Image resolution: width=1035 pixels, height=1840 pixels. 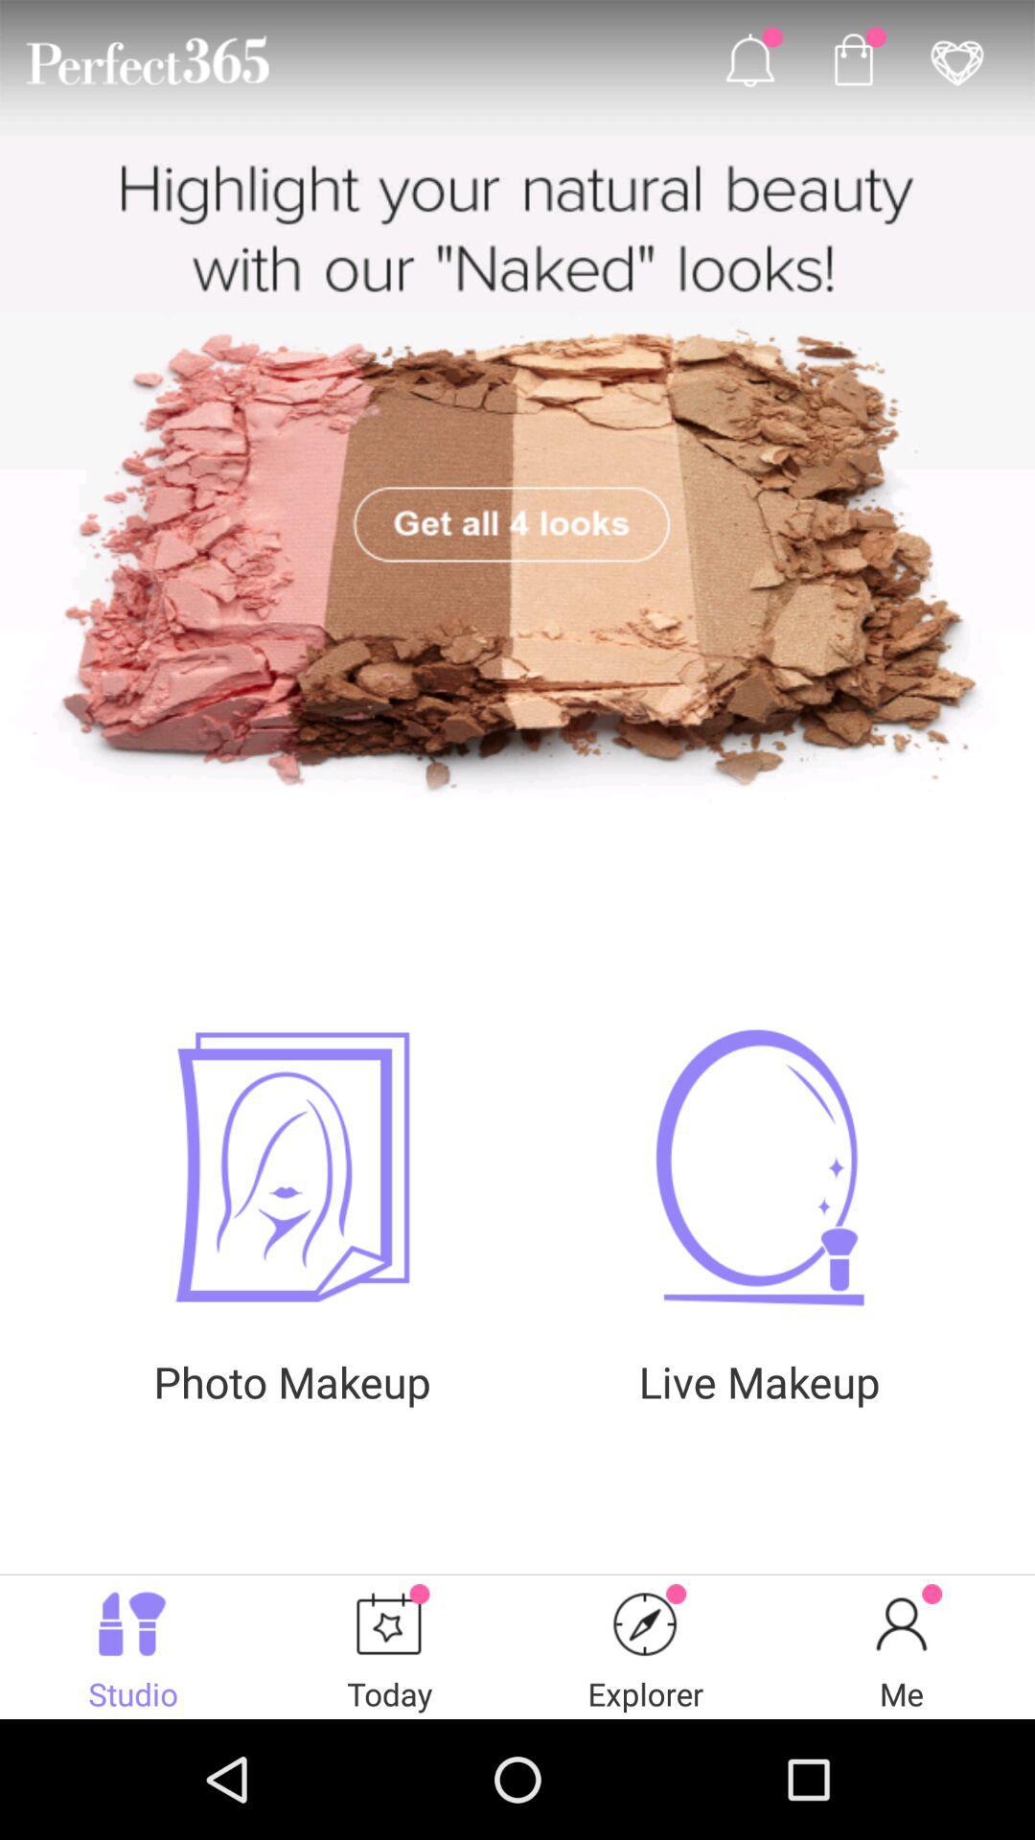 I want to click on the bell icon on the web page, so click(x=749, y=59).